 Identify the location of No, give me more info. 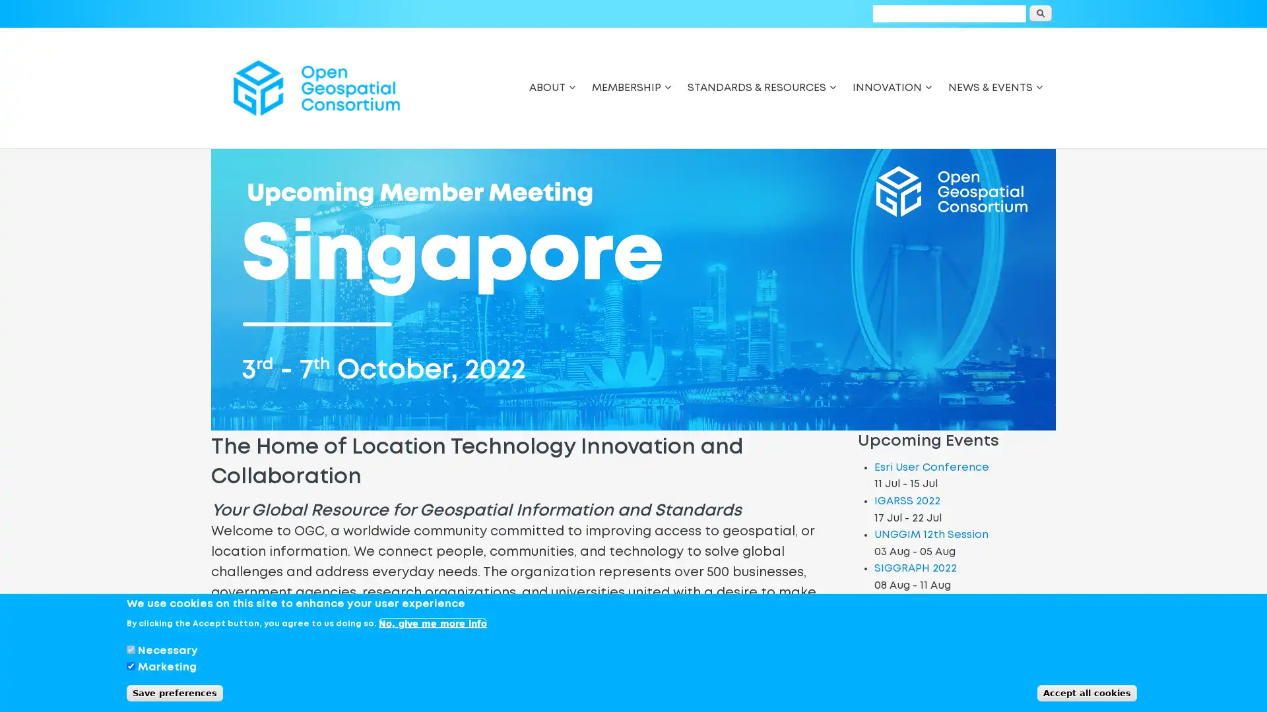
(433, 623).